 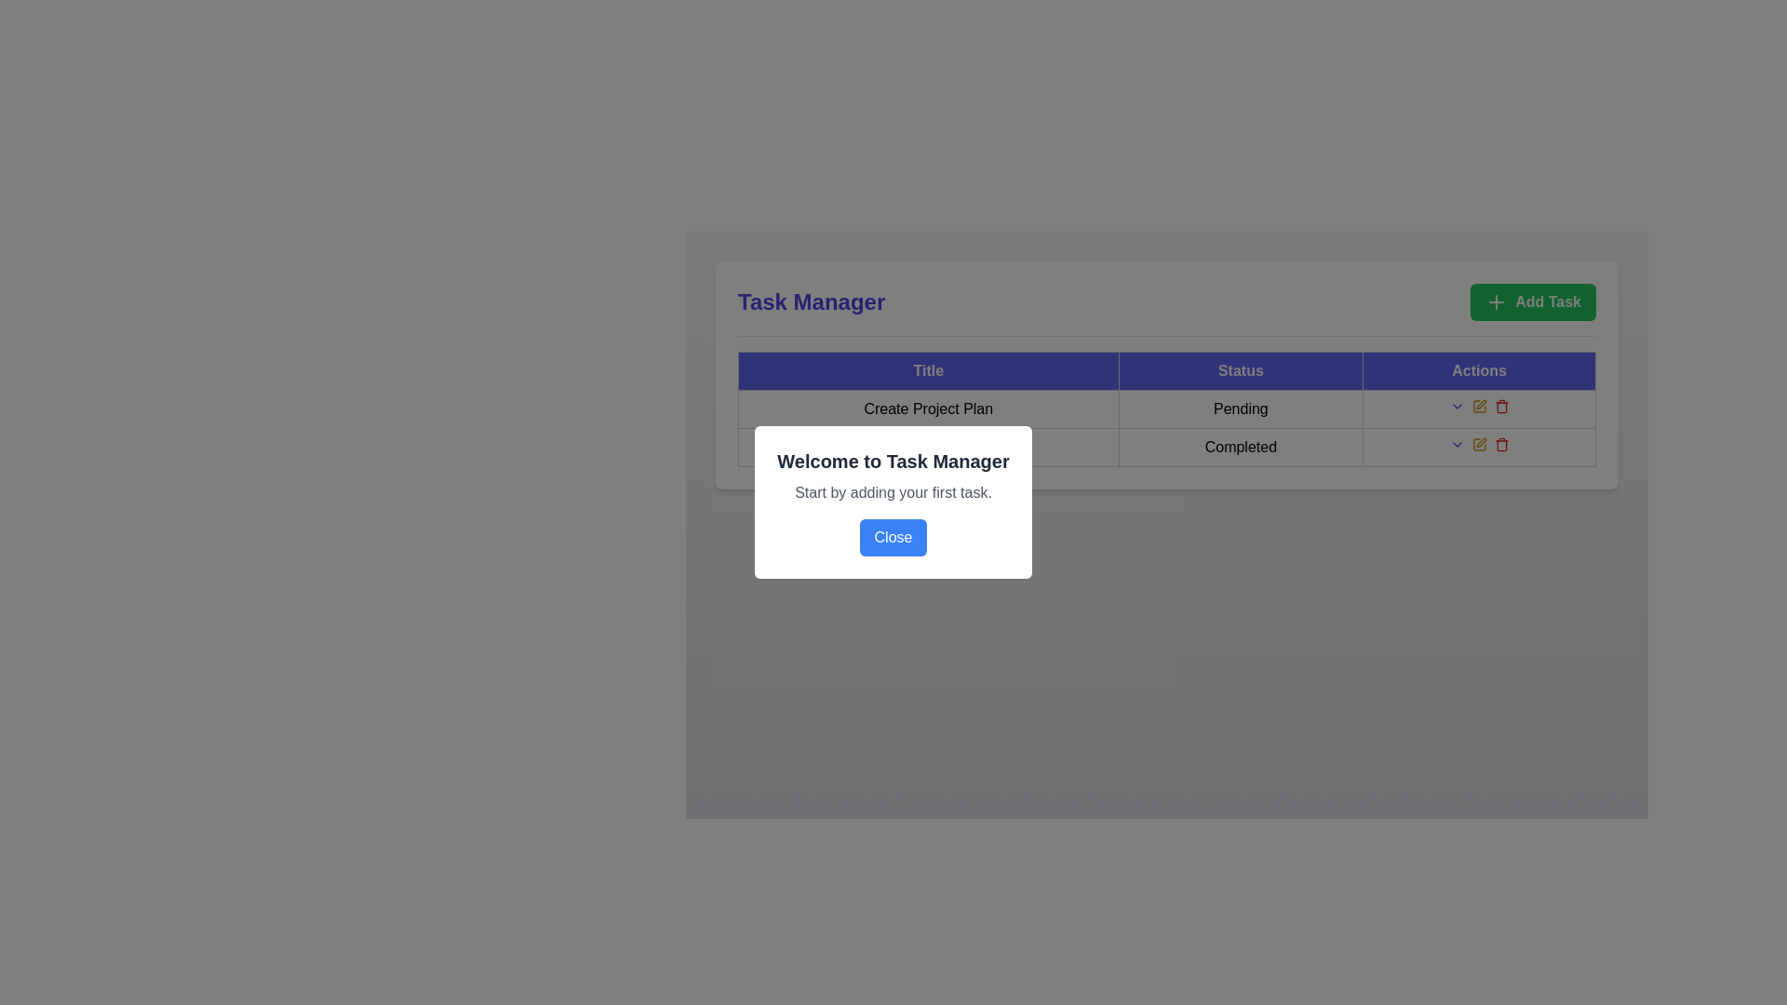 What do you see at coordinates (1241, 408) in the screenshot?
I see `the text label indicating the current status of the task 'Create Project Plan', which displays 'Pending' in the second cell of the 'Status' column in the table` at bounding box center [1241, 408].